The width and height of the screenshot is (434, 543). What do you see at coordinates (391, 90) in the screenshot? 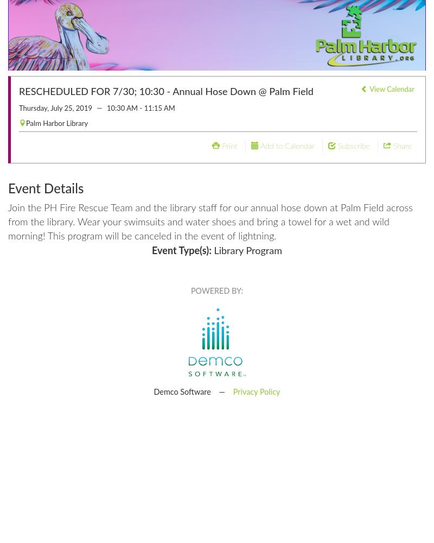
I see `'View Calendar'` at bounding box center [391, 90].